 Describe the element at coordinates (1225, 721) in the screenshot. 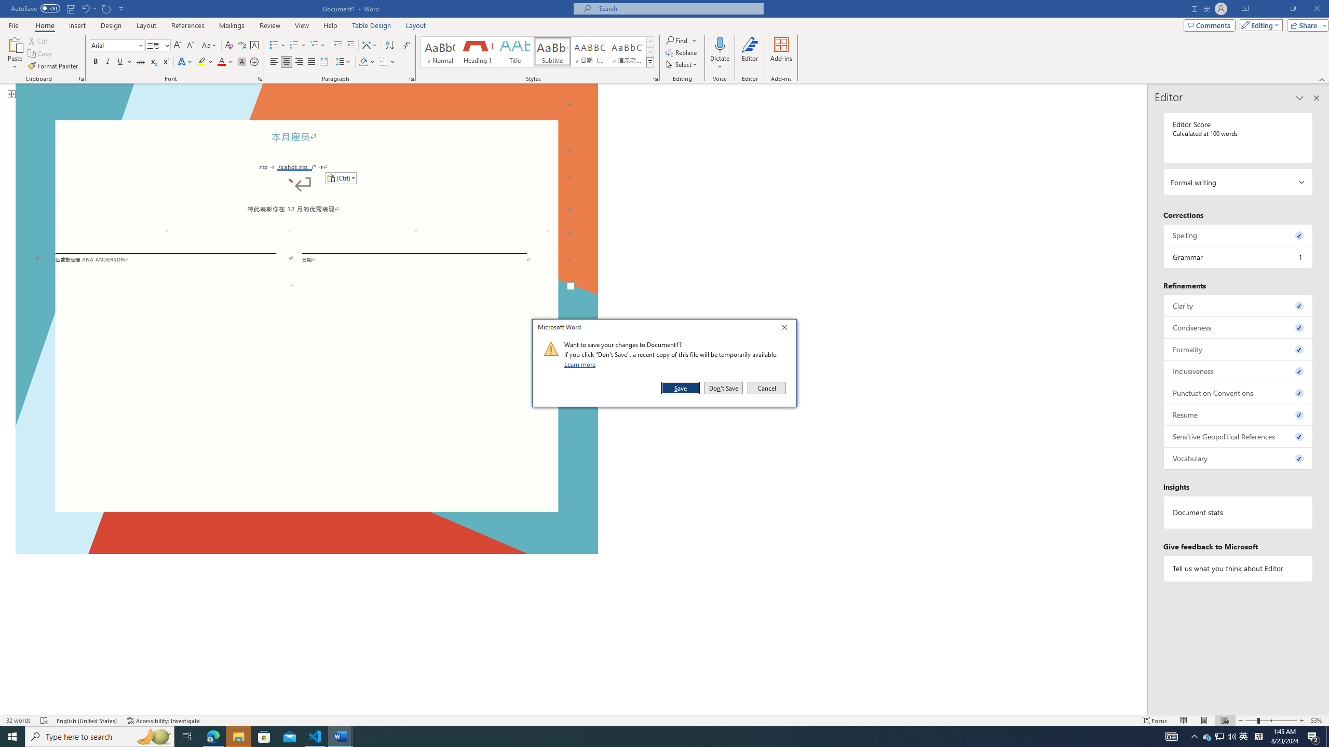

I see `'Web Layout'` at that location.